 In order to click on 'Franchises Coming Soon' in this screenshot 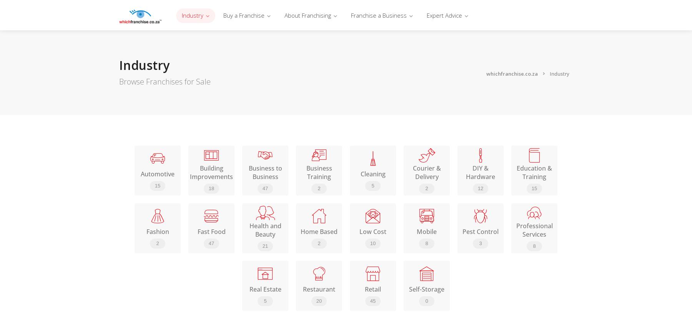, I will do `click(359, 103)`.